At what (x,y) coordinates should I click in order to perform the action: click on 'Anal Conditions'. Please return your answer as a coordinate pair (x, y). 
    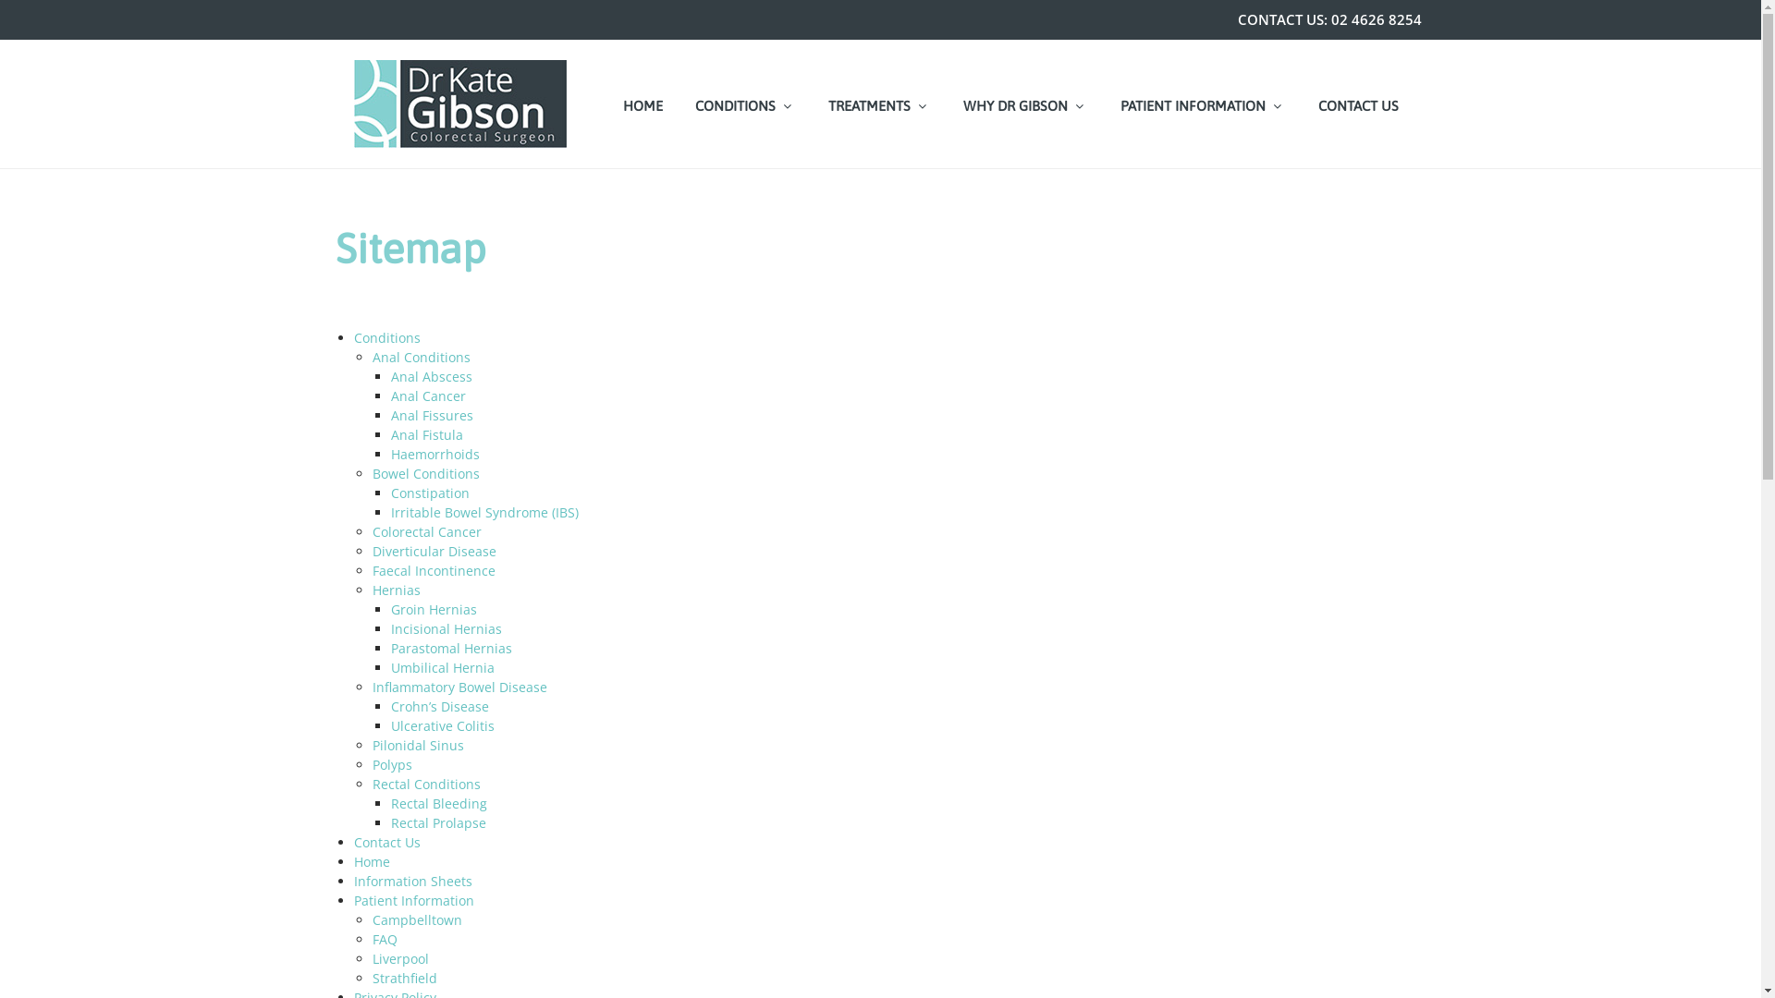
    Looking at the image, I should click on (420, 357).